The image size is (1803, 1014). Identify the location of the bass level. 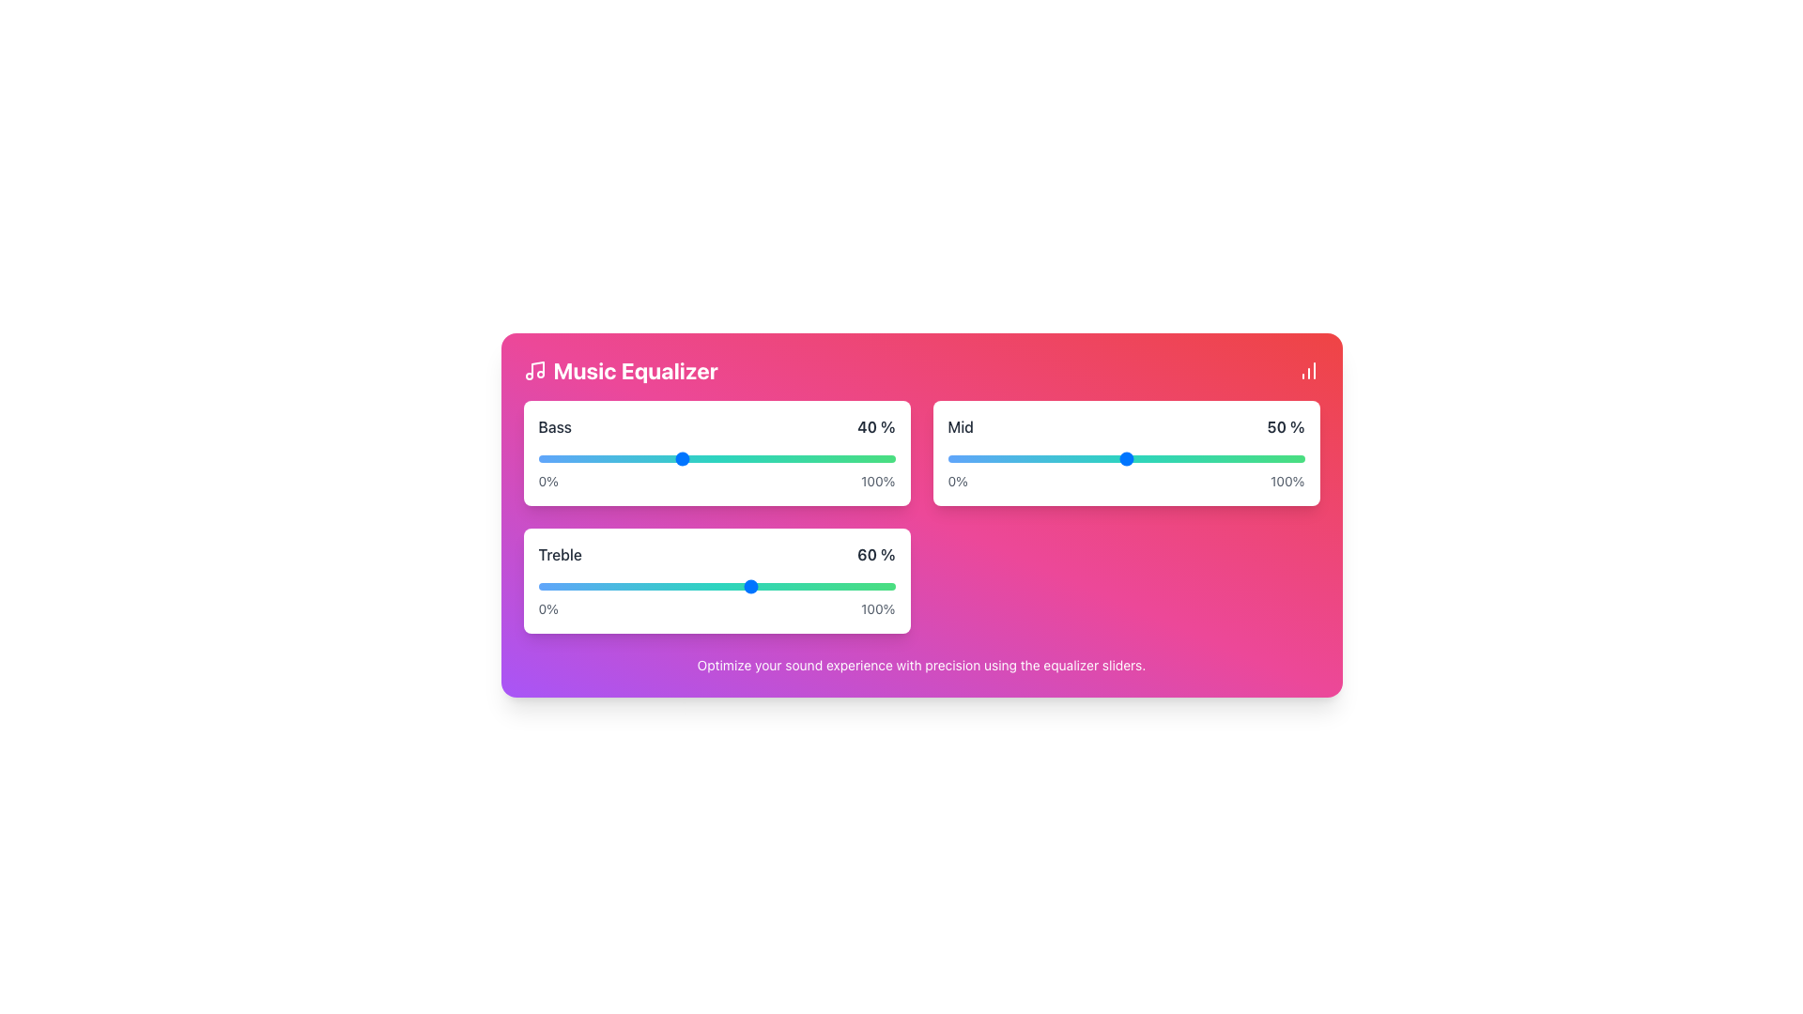
(756, 459).